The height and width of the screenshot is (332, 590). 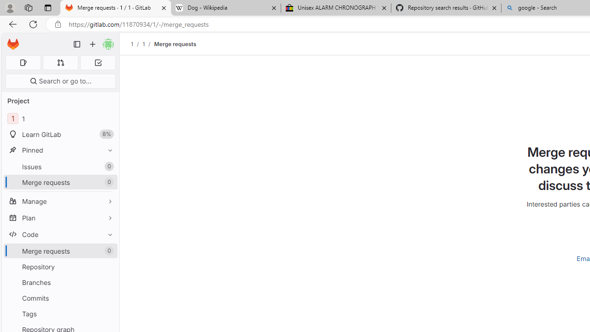 What do you see at coordinates (93, 44) in the screenshot?
I see `'Create new...'` at bounding box center [93, 44].